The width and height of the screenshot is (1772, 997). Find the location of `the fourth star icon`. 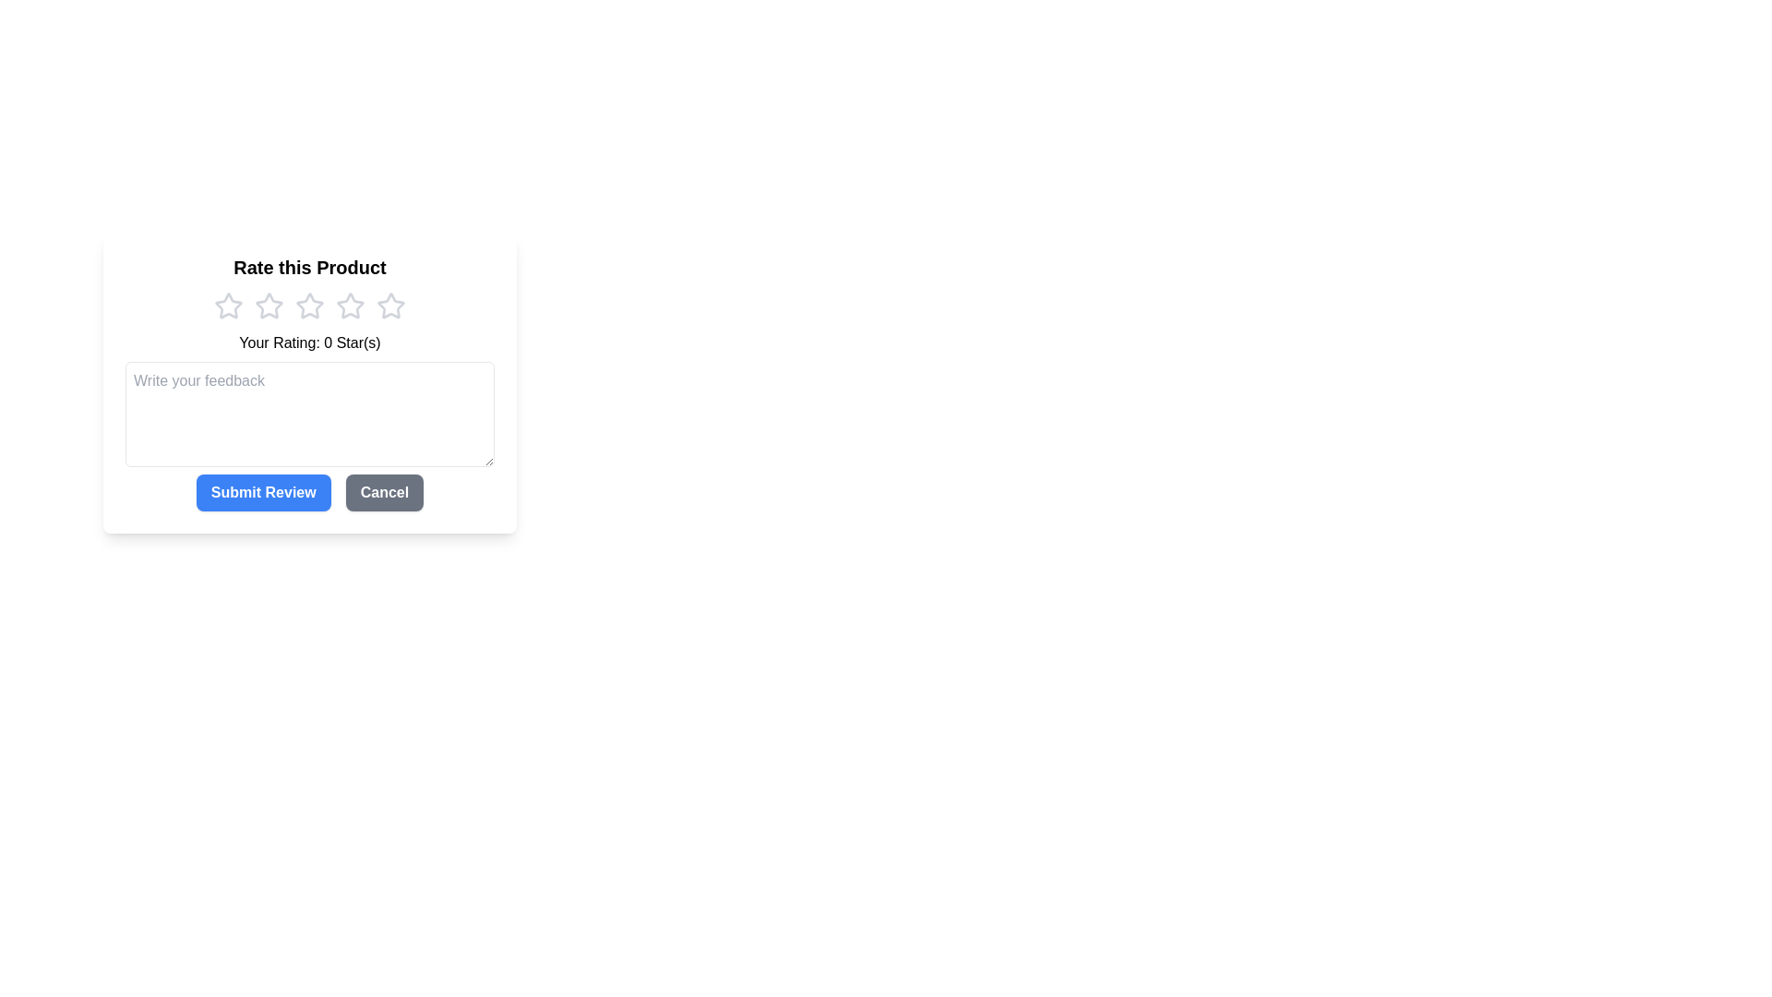

the fourth star icon is located at coordinates (350, 305).